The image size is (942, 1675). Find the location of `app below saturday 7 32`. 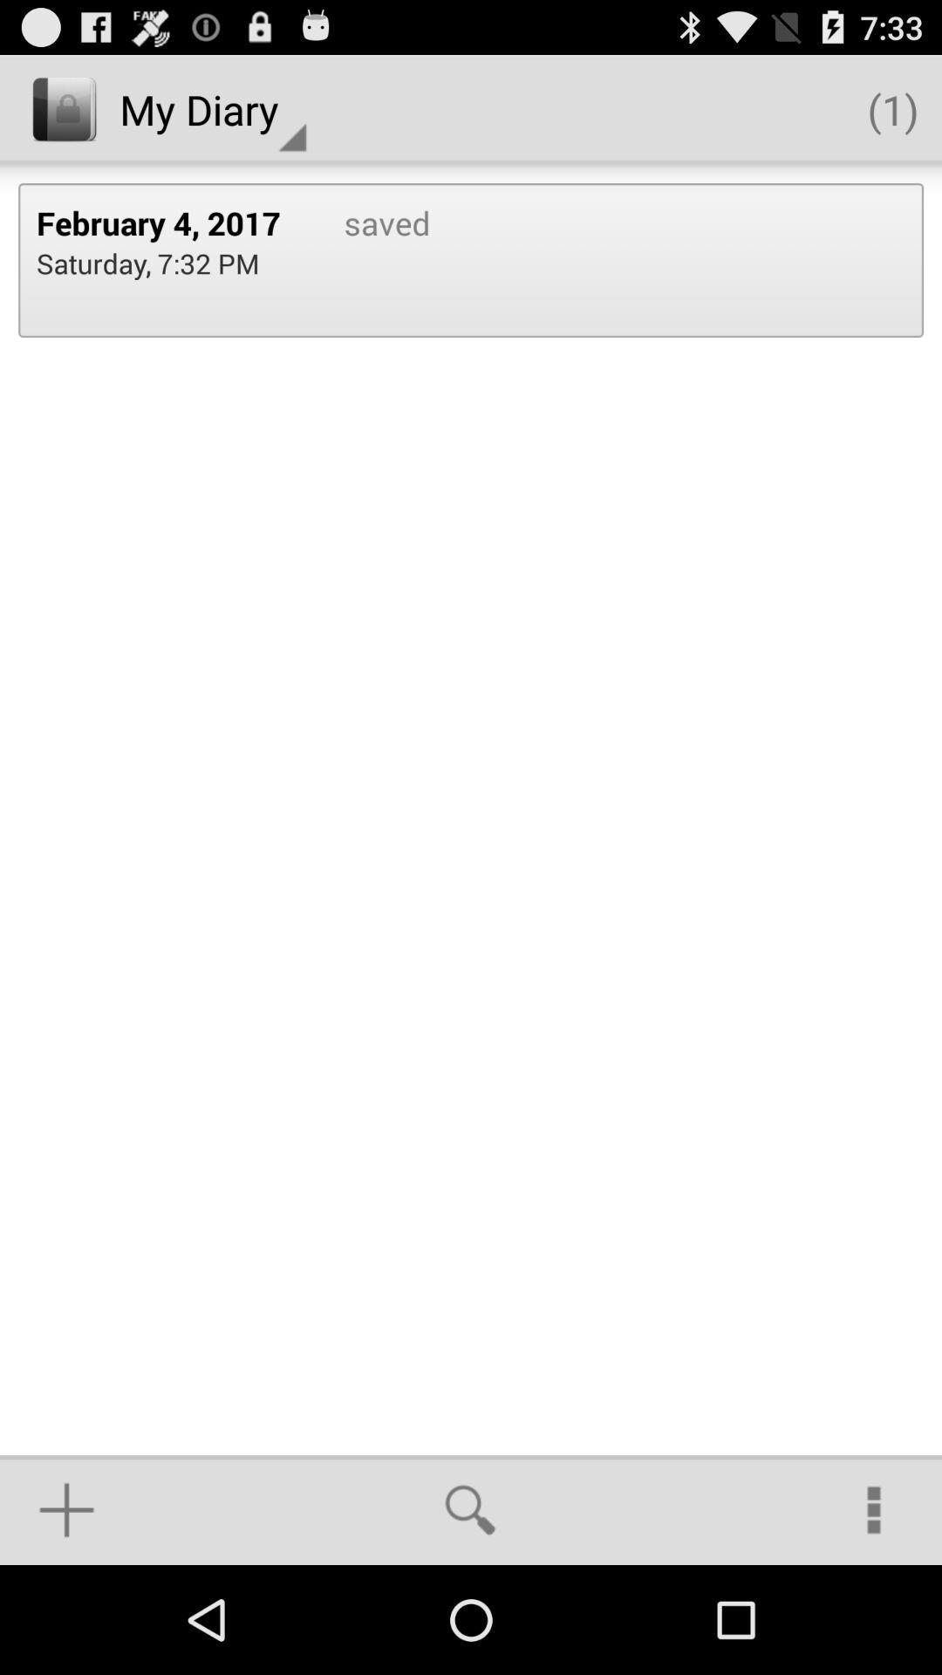

app below saturday 7 32 is located at coordinates (65, 1509).